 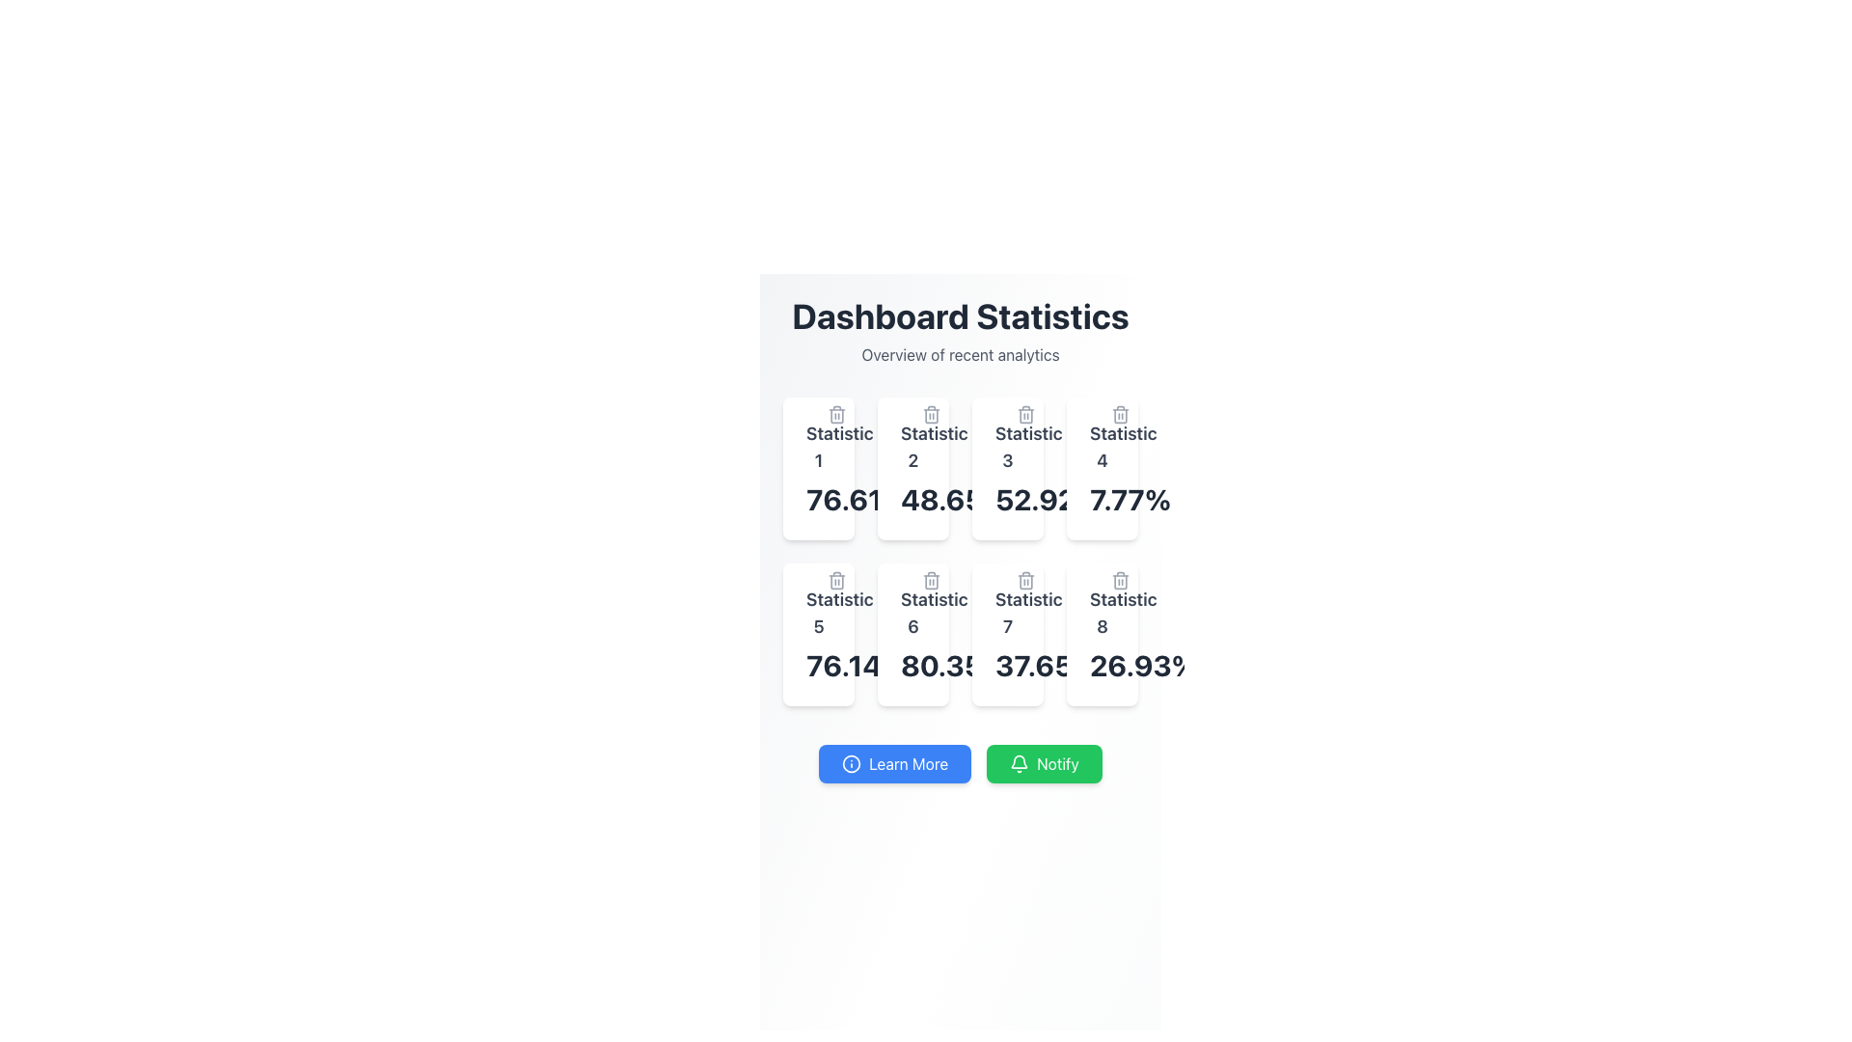 I want to click on the circular information icon with an outlined border and the letter 'i' in the center, located inside the 'Learn More' button, so click(x=851, y=762).